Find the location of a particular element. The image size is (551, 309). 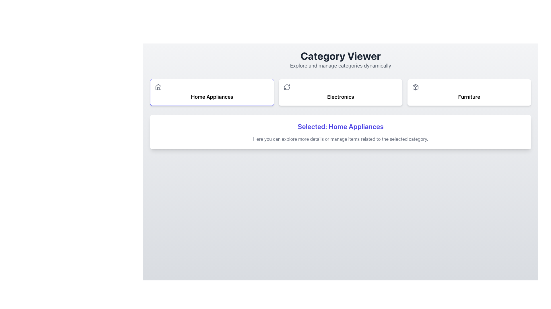

the 'Home Appliances' category icon located at the top-left corner of its card component, above the text label is located at coordinates (158, 87).